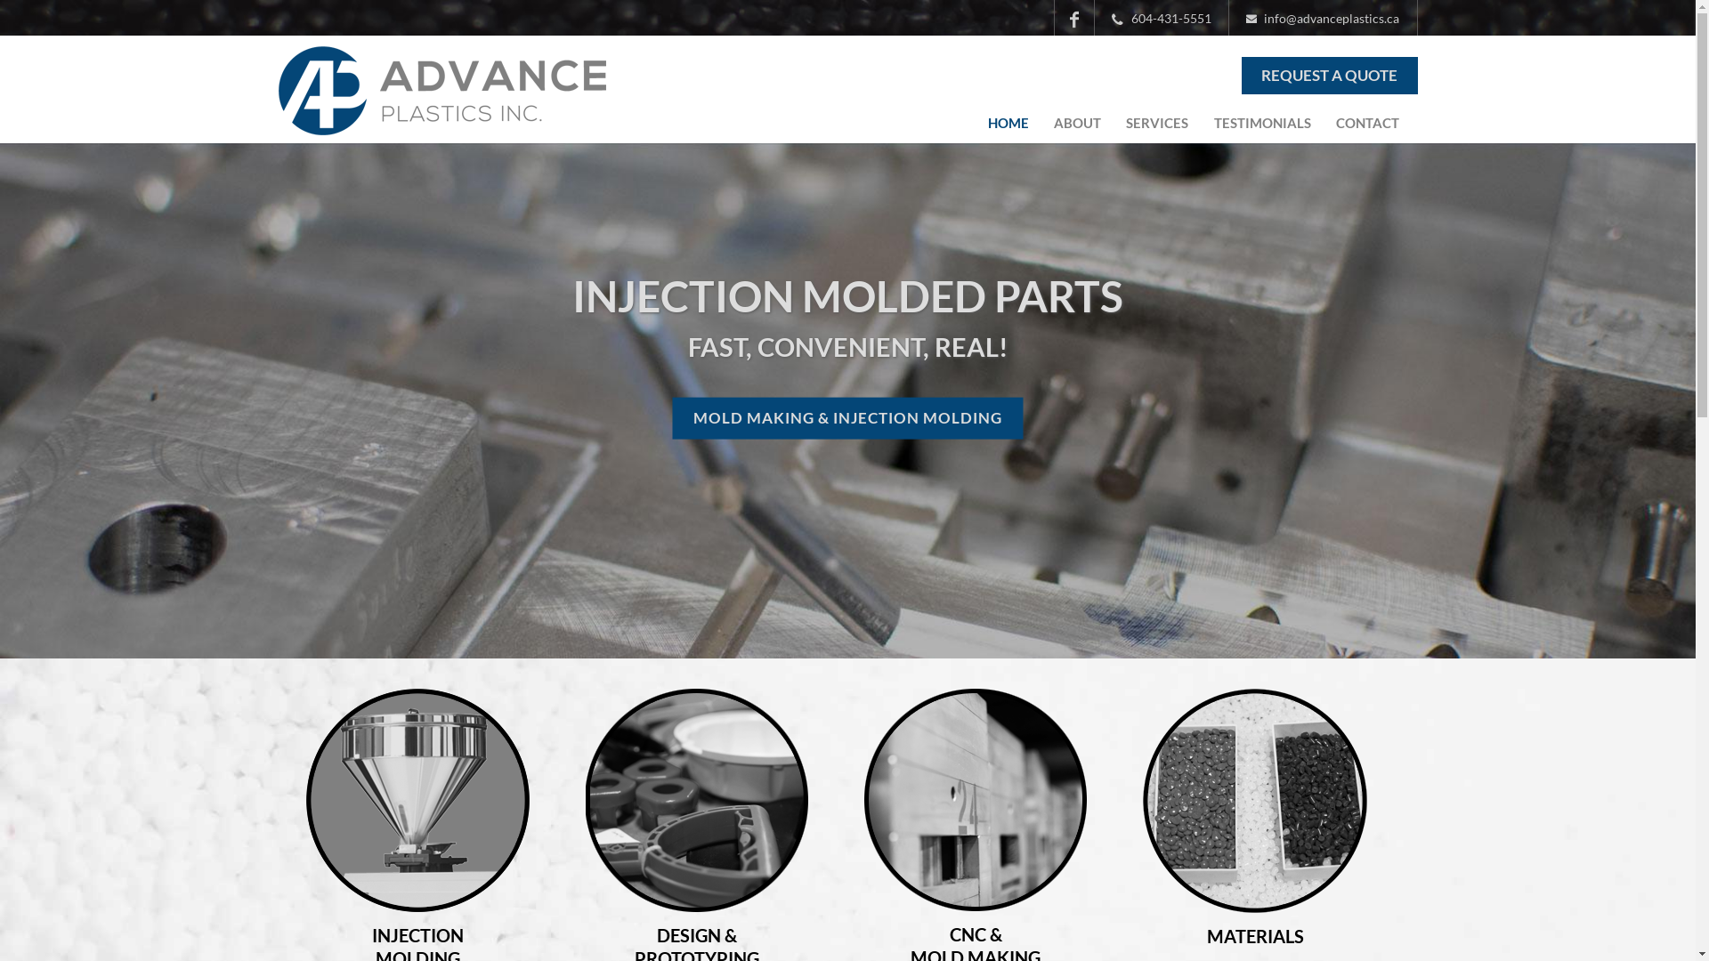  Describe the element at coordinates (1076, 122) in the screenshot. I see `'ABOUT'` at that location.